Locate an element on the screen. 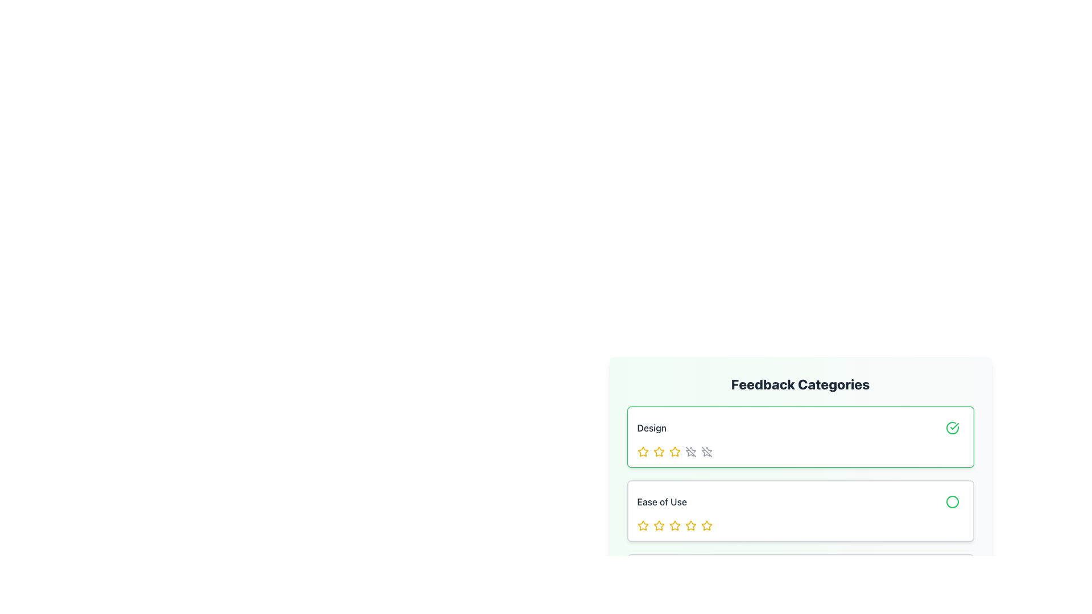 This screenshot has width=1092, height=614. properties of the second star icon in the rating component, which is styled with a linear and geometric outline and positioned in the middle is located at coordinates (708, 449).